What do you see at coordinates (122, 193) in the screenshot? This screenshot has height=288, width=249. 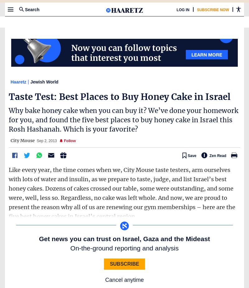 I see `'Like every year, the time comes when we, City Mouse taste testers, arm ourselves with lots of water and insulin, as we prepare to taste, judge, and list Israel’s best honey cakes. Dozens of cakes crossed our table, some were outstanding, and some were, well, less so. Regardless, no cake was left whole. And now, we are proud to present the reason why all of us are renewing our gym memberships – here are the five best honey cakes in Israel’s central region.'` at bounding box center [122, 193].